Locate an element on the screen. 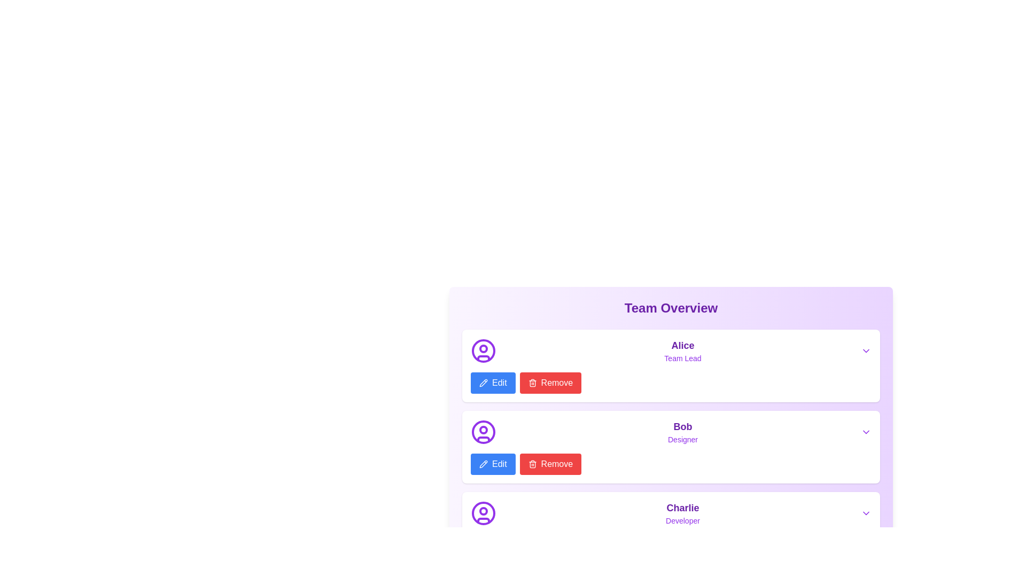  the text label displaying the role or title associated with the user 'Alice', which is located directly beneath the text 'Alice' within a card component is located at coordinates (682, 358).